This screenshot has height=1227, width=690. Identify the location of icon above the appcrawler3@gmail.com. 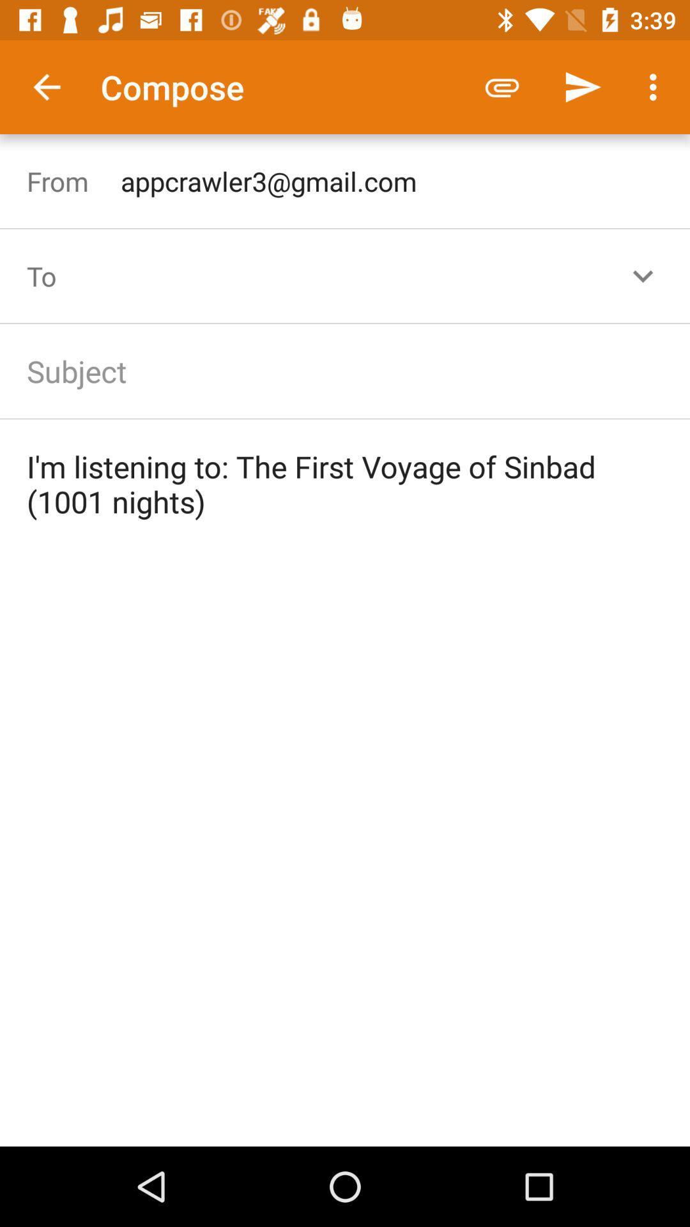
(502, 86).